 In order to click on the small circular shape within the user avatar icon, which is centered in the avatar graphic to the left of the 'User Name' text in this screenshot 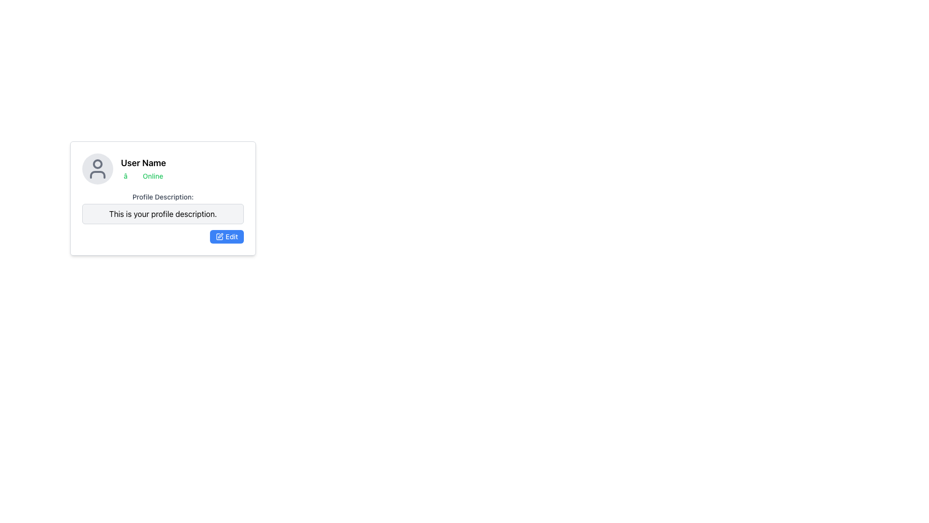, I will do `click(97, 164)`.